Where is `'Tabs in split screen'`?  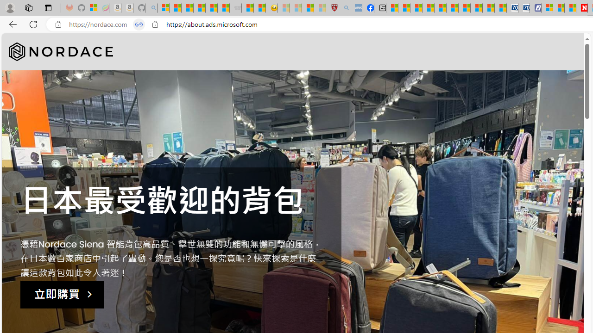 'Tabs in split screen' is located at coordinates (139, 24).